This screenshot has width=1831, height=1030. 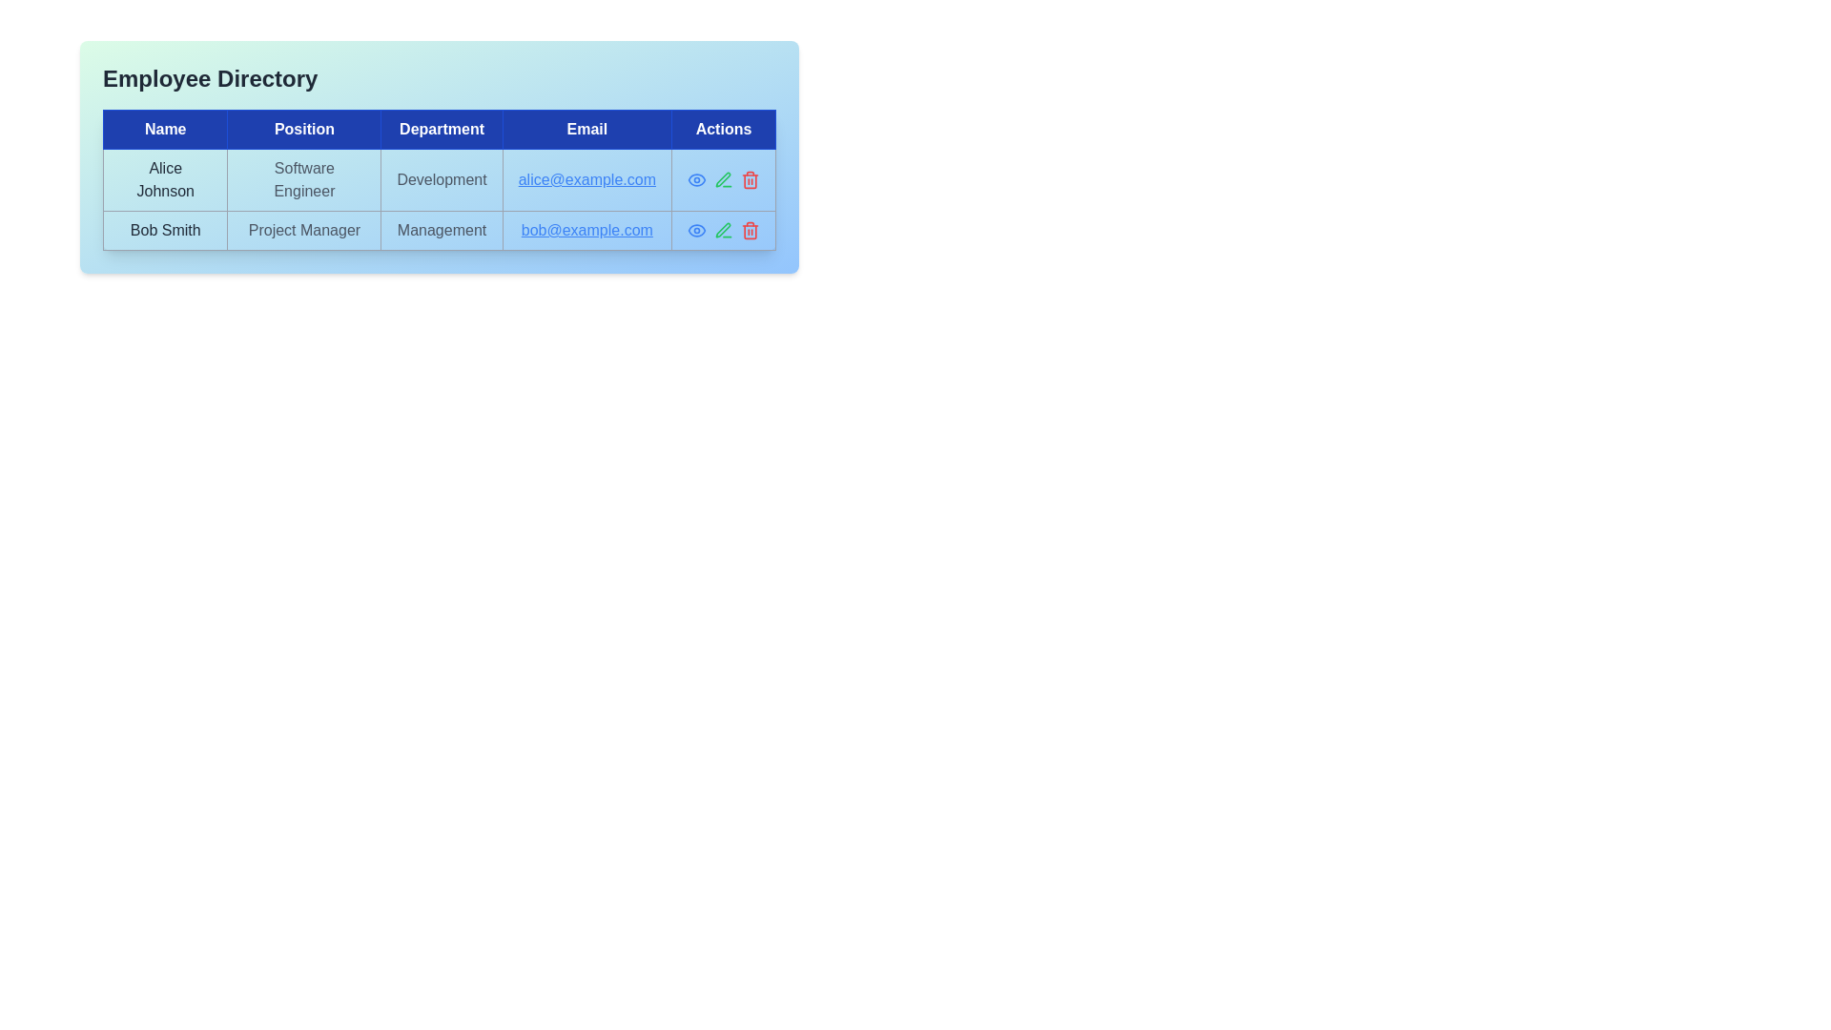 What do you see at coordinates (441, 180) in the screenshot?
I see `the static text element displaying the department associated with the individual, located in the third cell of the first row under the 'Department' header` at bounding box center [441, 180].